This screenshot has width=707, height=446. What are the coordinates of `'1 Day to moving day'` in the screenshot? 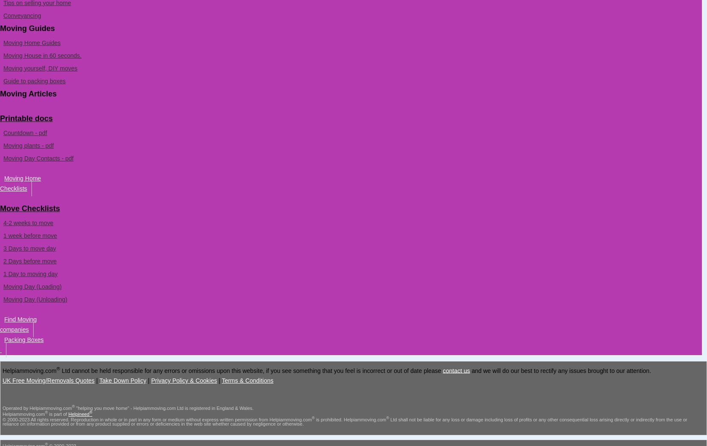 It's located at (30, 273).